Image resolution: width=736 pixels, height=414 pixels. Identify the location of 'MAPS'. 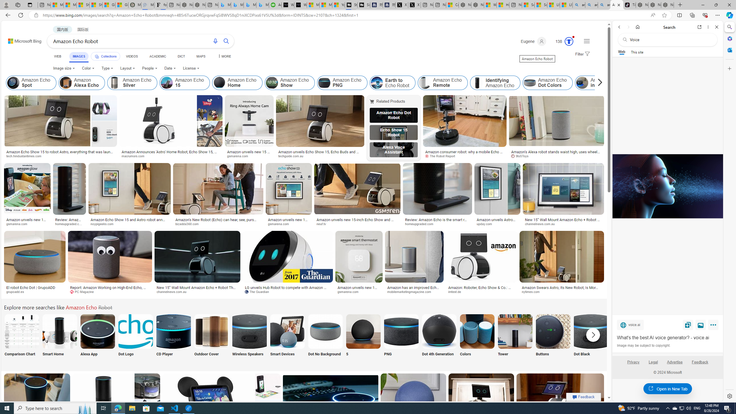
(200, 56).